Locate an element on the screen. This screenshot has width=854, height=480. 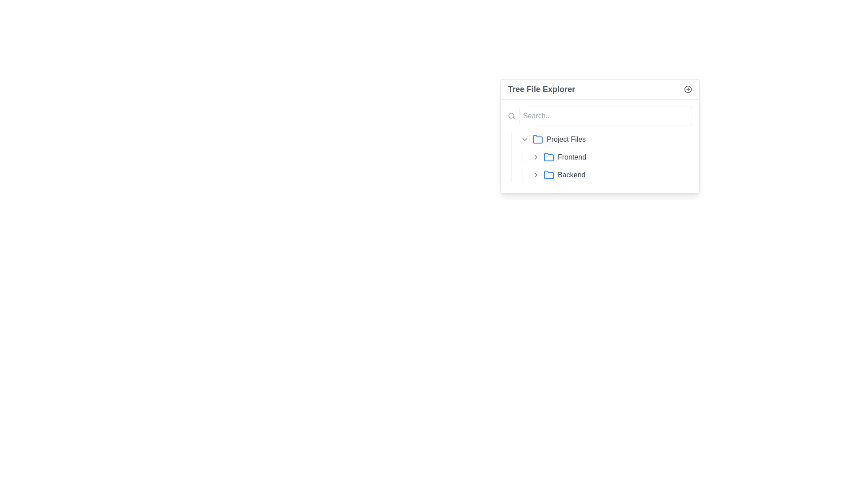
the 'Project Files' folder icon located near the top of the file explorer tree view is located at coordinates (537, 139).